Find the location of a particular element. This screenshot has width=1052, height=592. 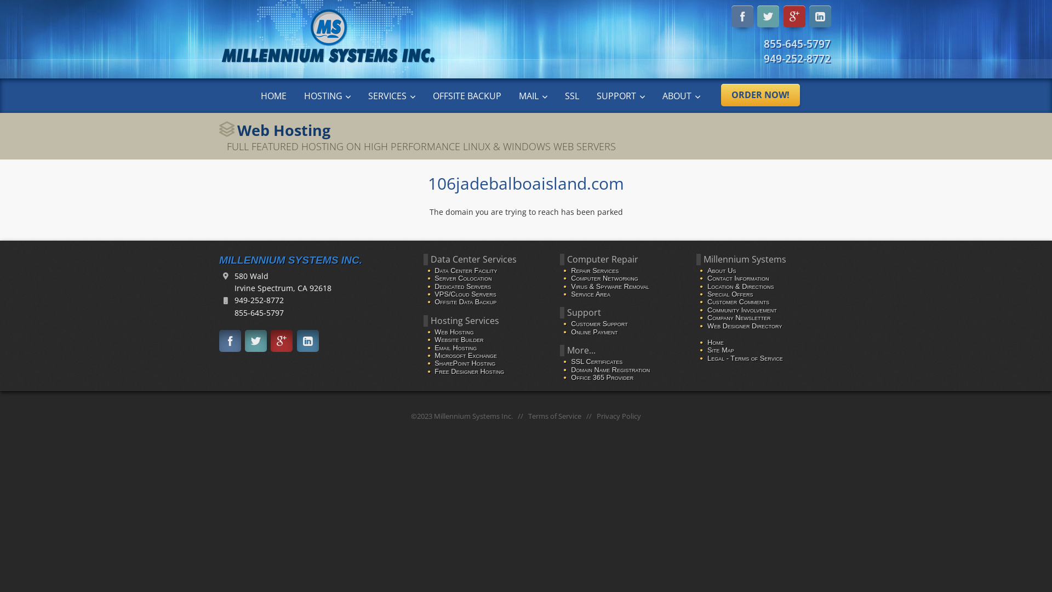

'Location & Directions' is located at coordinates (740, 286).